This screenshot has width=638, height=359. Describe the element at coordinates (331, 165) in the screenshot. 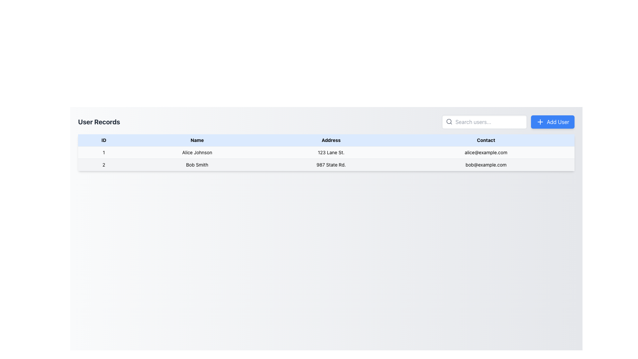

I see `the text field displaying '987 State Rd.' located in the third column of the second row of the user information table, between 'Bob Smith' and 'bob@example.com'` at that location.